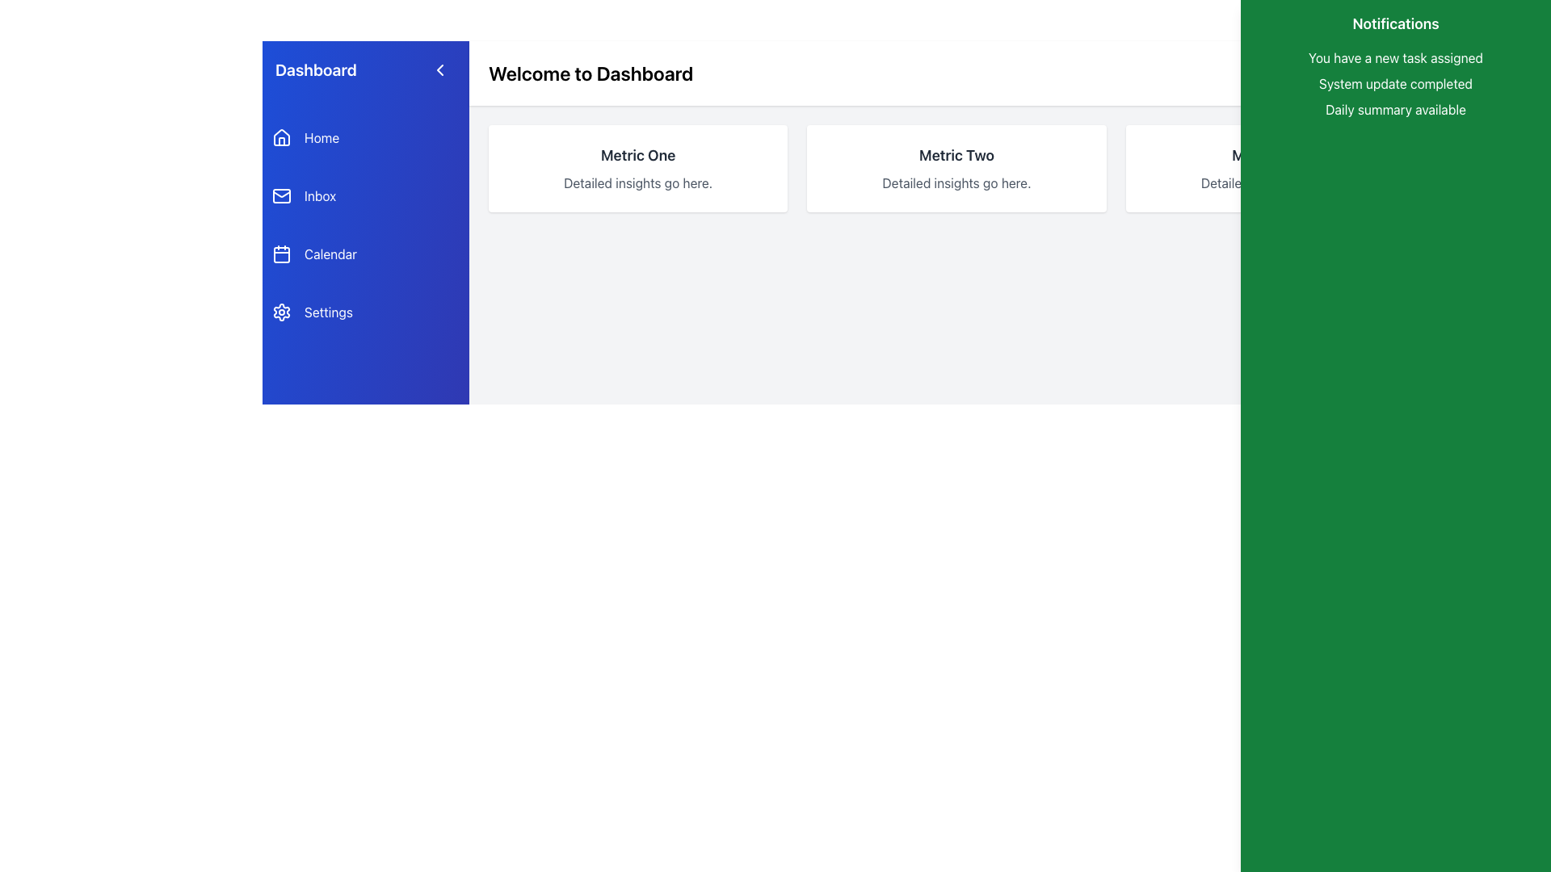  Describe the element at coordinates (440, 69) in the screenshot. I see `the arrow icon located in the top-left section of the interface near the 'Dashboard'` at that location.